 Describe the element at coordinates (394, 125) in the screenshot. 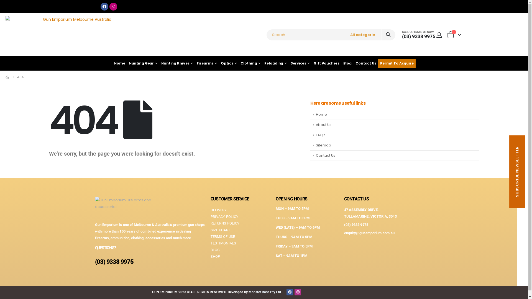

I see `'About Us'` at that location.